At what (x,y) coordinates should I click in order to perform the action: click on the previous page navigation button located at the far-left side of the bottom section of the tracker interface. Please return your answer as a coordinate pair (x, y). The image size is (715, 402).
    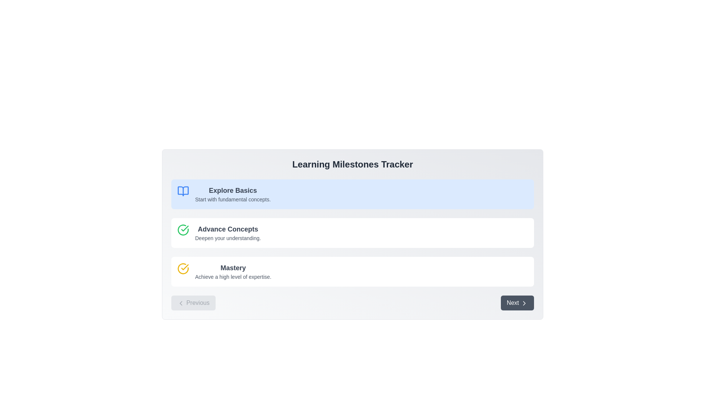
    Looking at the image, I should click on (193, 303).